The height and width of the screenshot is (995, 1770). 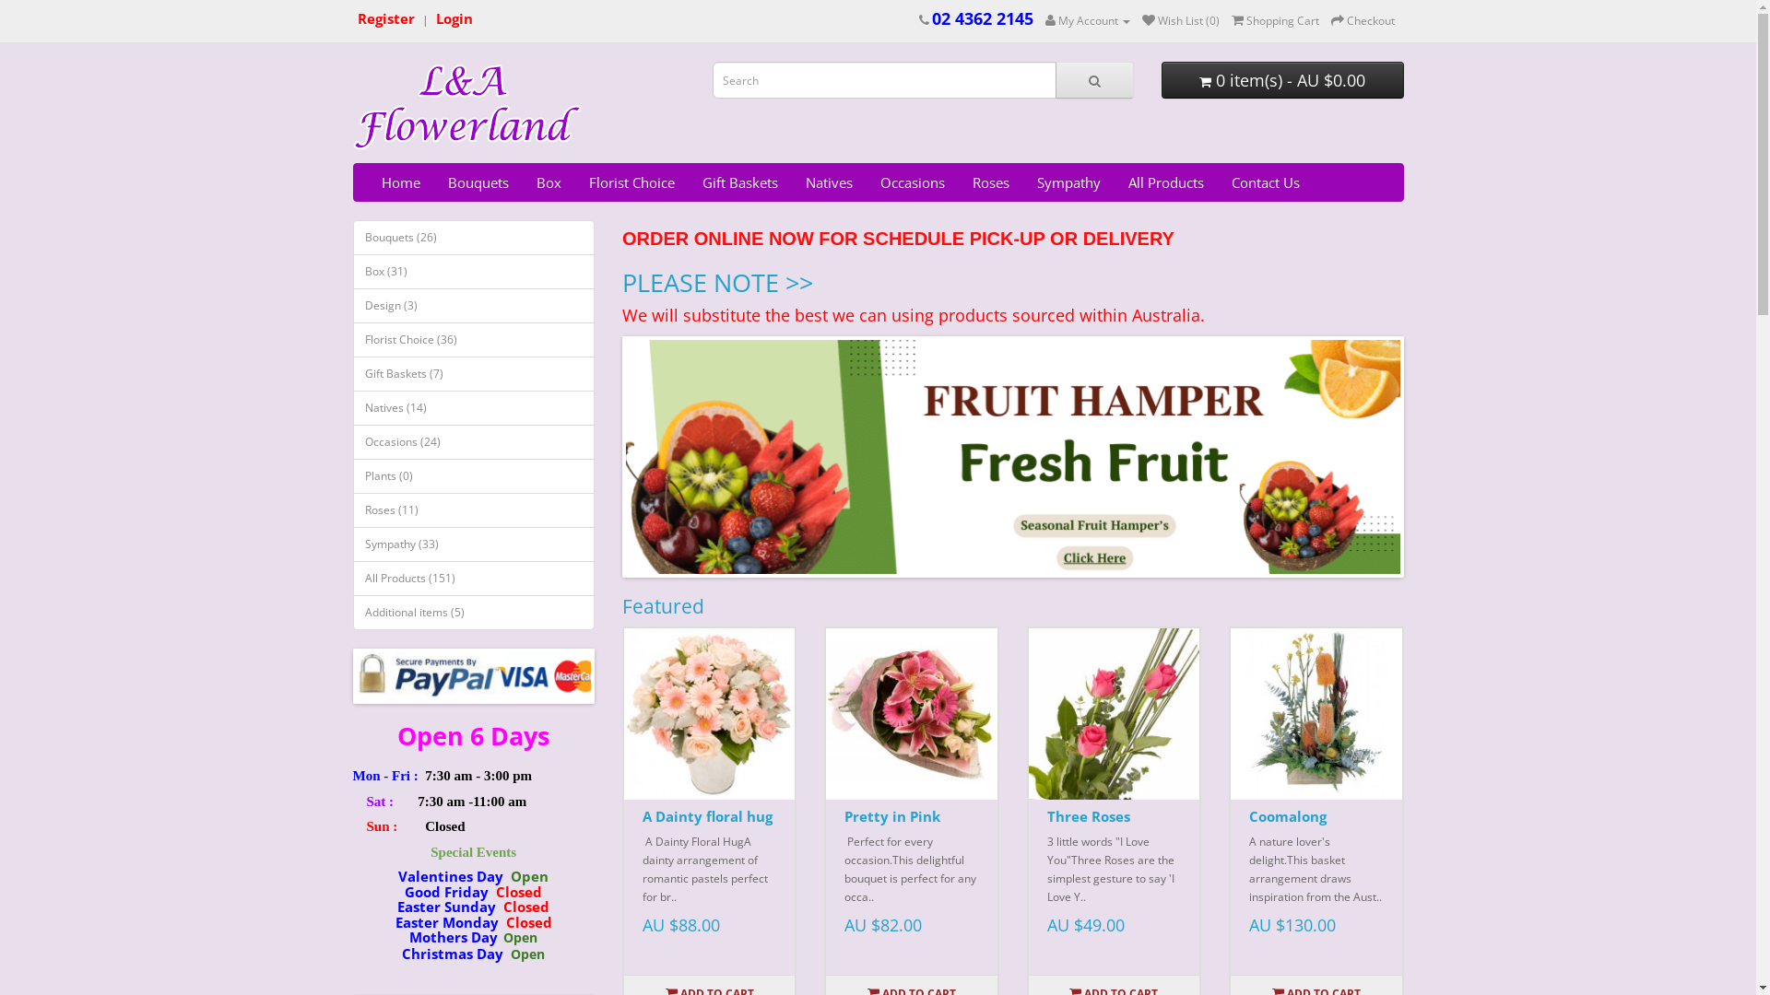 What do you see at coordinates (473, 612) in the screenshot?
I see `'Additional items (5)'` at bounding box center [473, 612].